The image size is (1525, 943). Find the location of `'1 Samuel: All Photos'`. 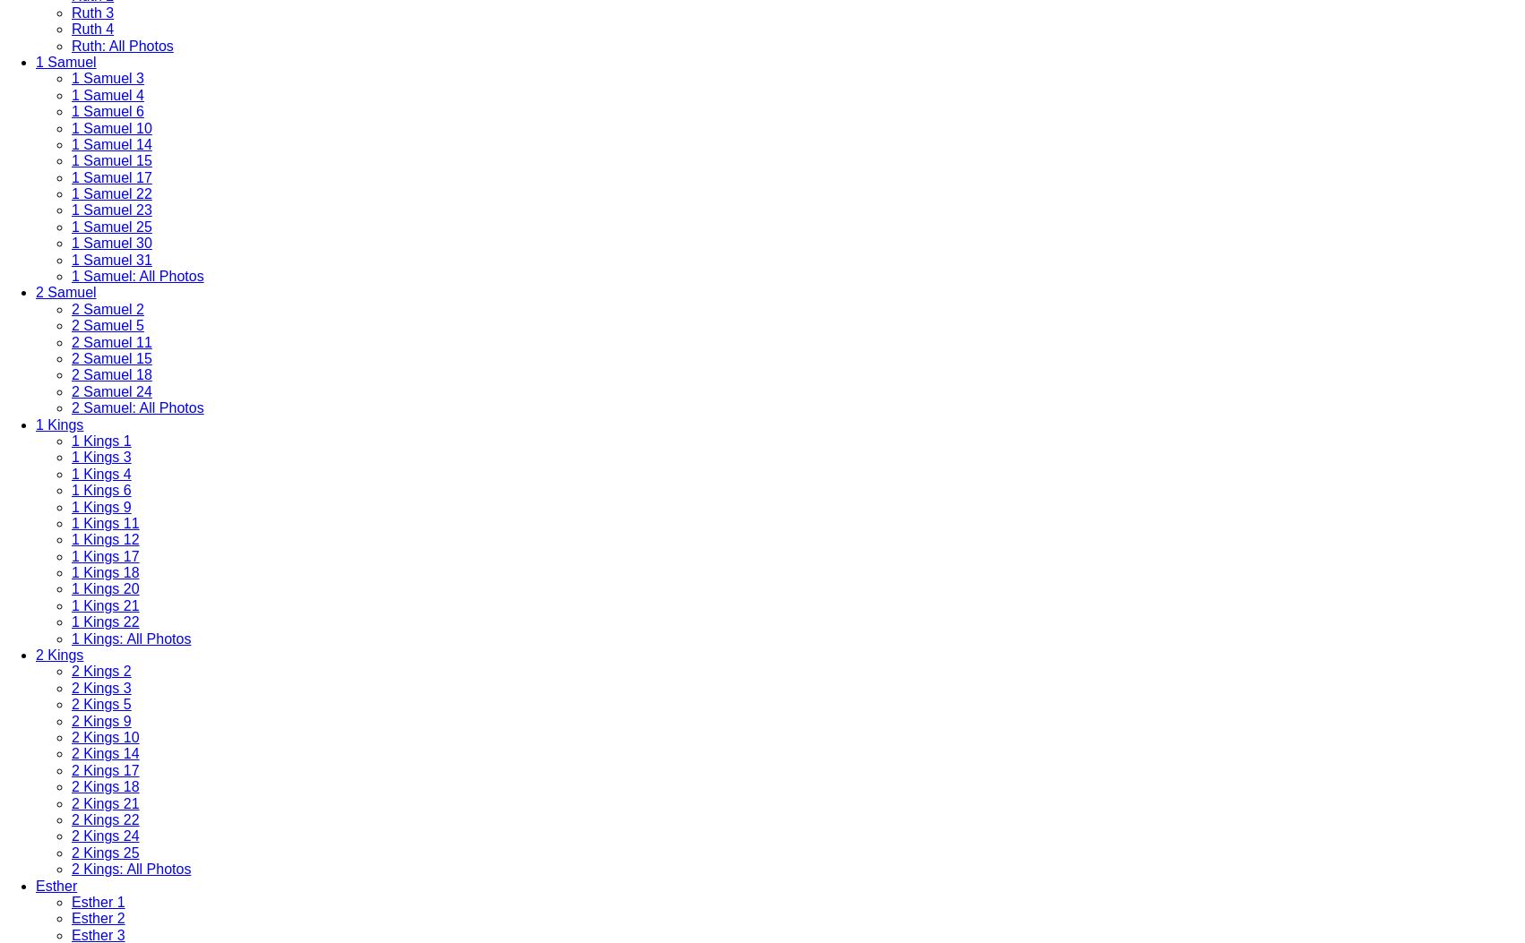

'1 Samuel: All Photos' is located at coordinates (136, 276).